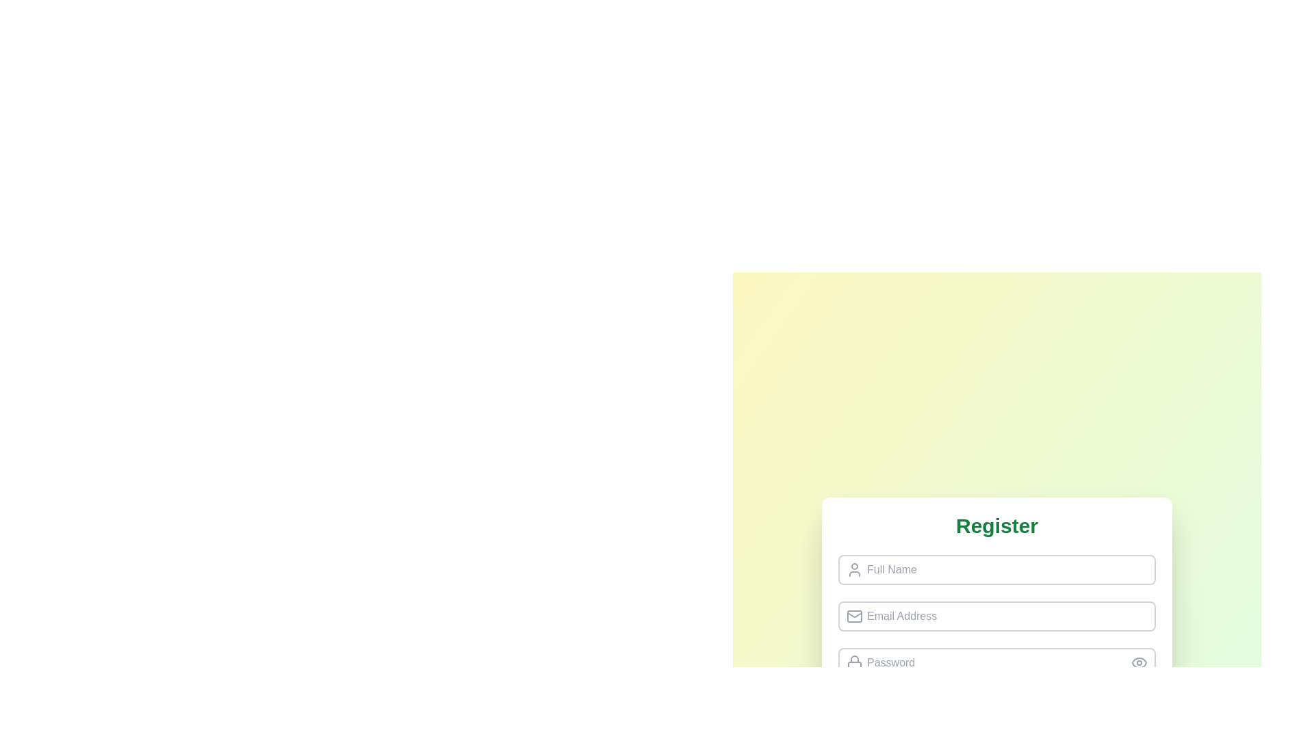 The image size is (1314, 739). I want to click on the text input field for entering the full name in the registration form to display the cursor, so click(997, 570).